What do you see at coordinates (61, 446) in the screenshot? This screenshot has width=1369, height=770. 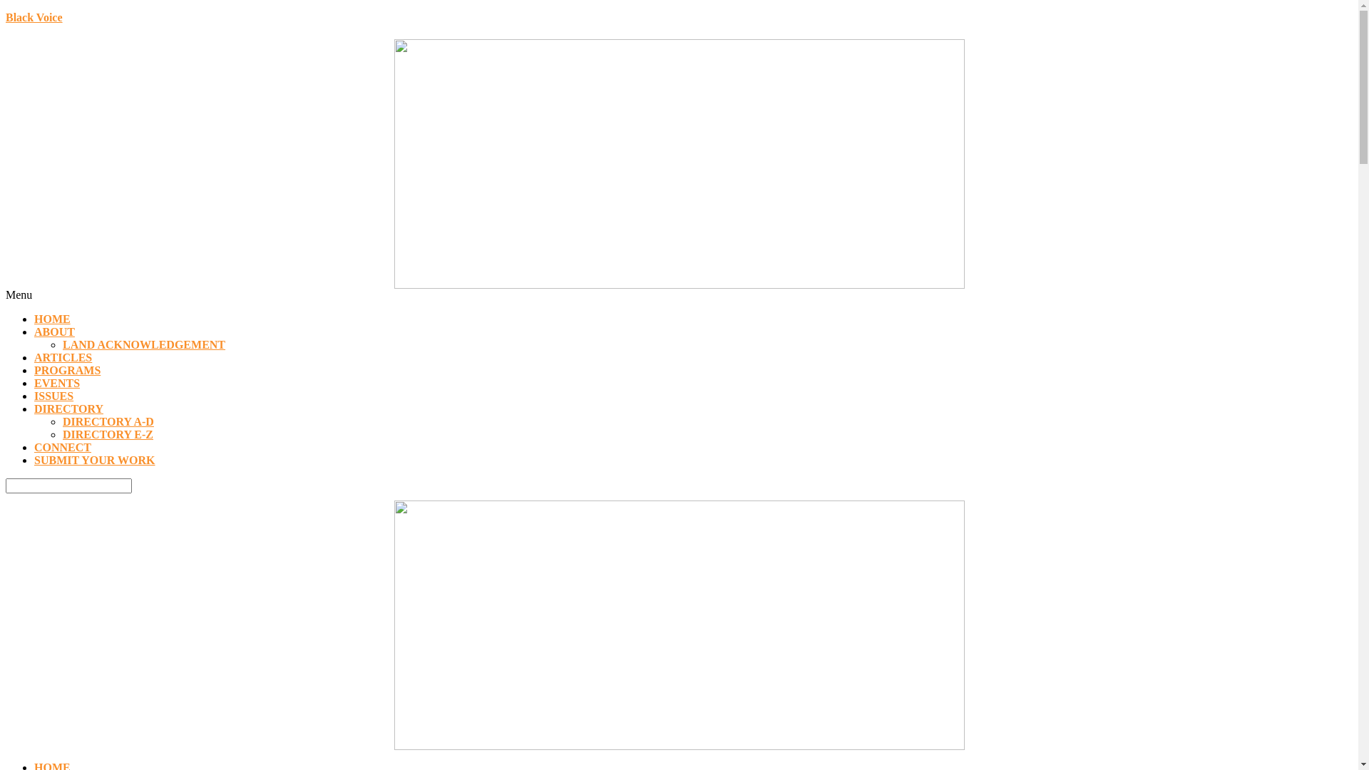 I see `'CONNECT'` at bounding box center [61, 446].